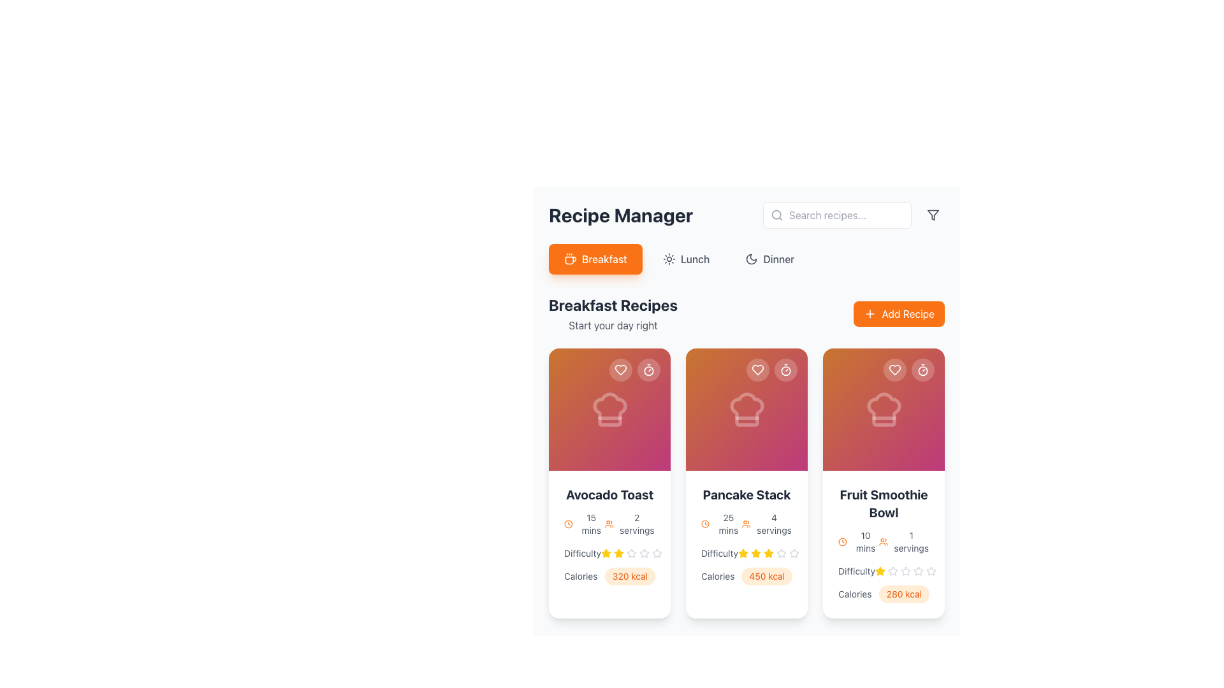 The width and height of the screenshot is (1224, 688). What do you see at coordinates (905, 571) in the screenshot?
I see `the fourth star icon in the difficulty rating section of the 'Fruit Smoothie Bowl' card, which is a gray outline star used for rating` at bounding box center [905, 571].